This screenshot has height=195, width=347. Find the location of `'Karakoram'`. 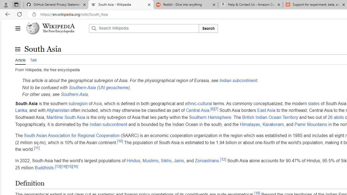

'Karakoram' is located at coordinates (273, 124).